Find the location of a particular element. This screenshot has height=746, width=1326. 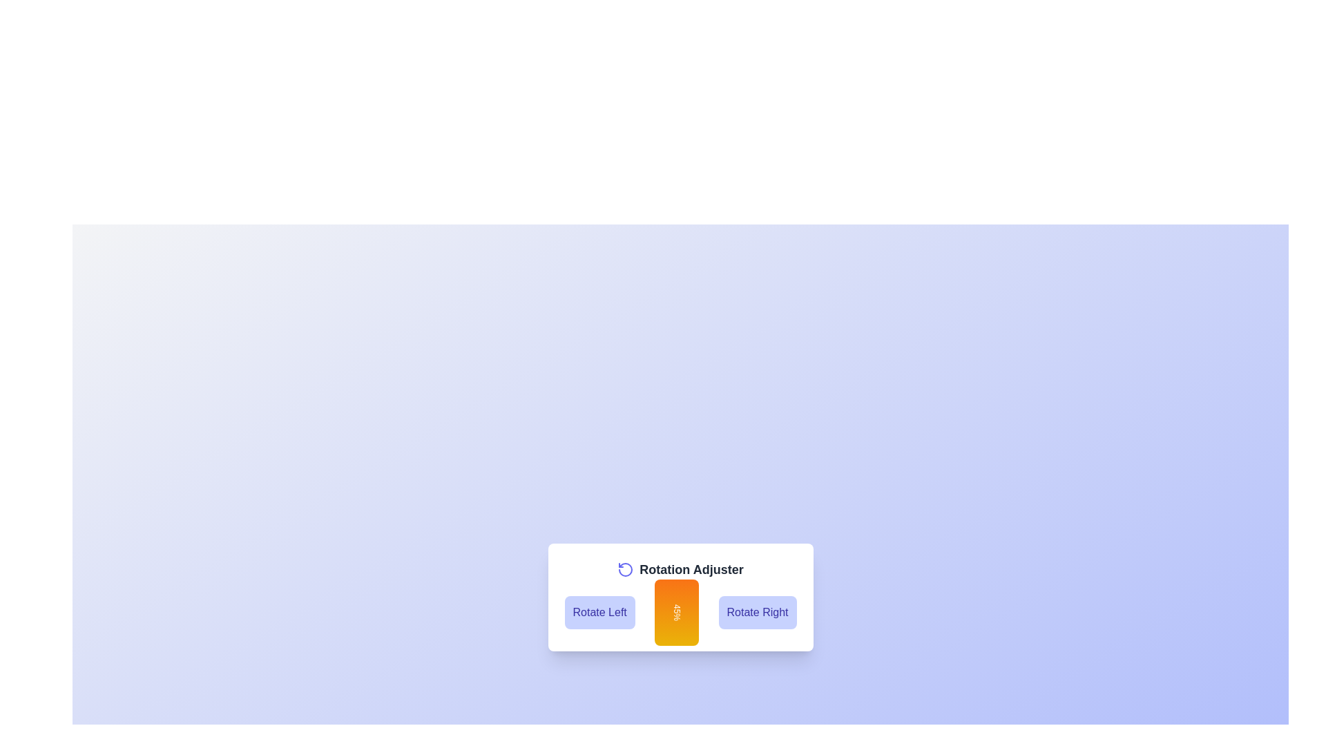

the 'Rotate Left' button to decrease the rotation is located at coordinates (599, 612).